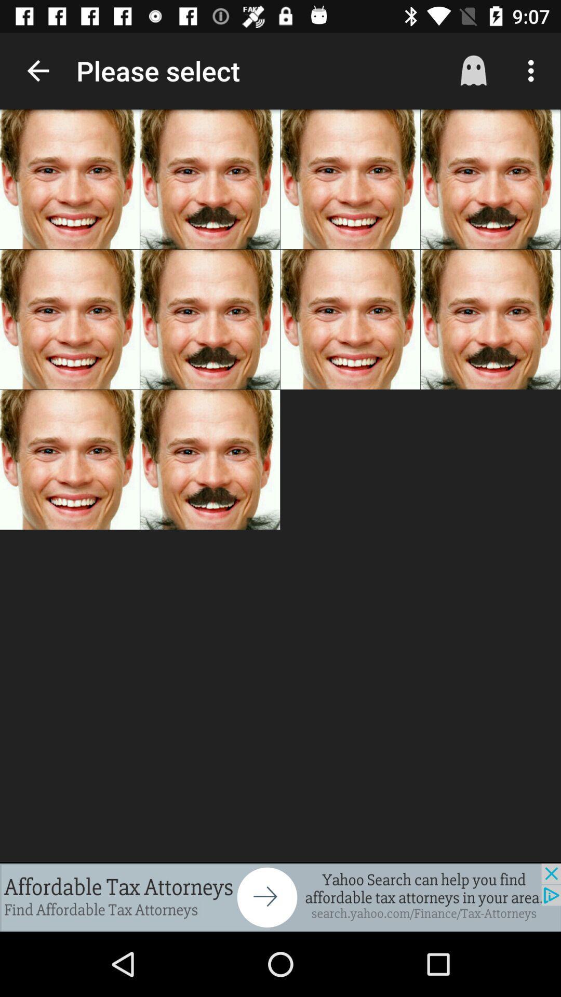 The image size is (561, 997). I want to click on the last image, so click(210, 459).